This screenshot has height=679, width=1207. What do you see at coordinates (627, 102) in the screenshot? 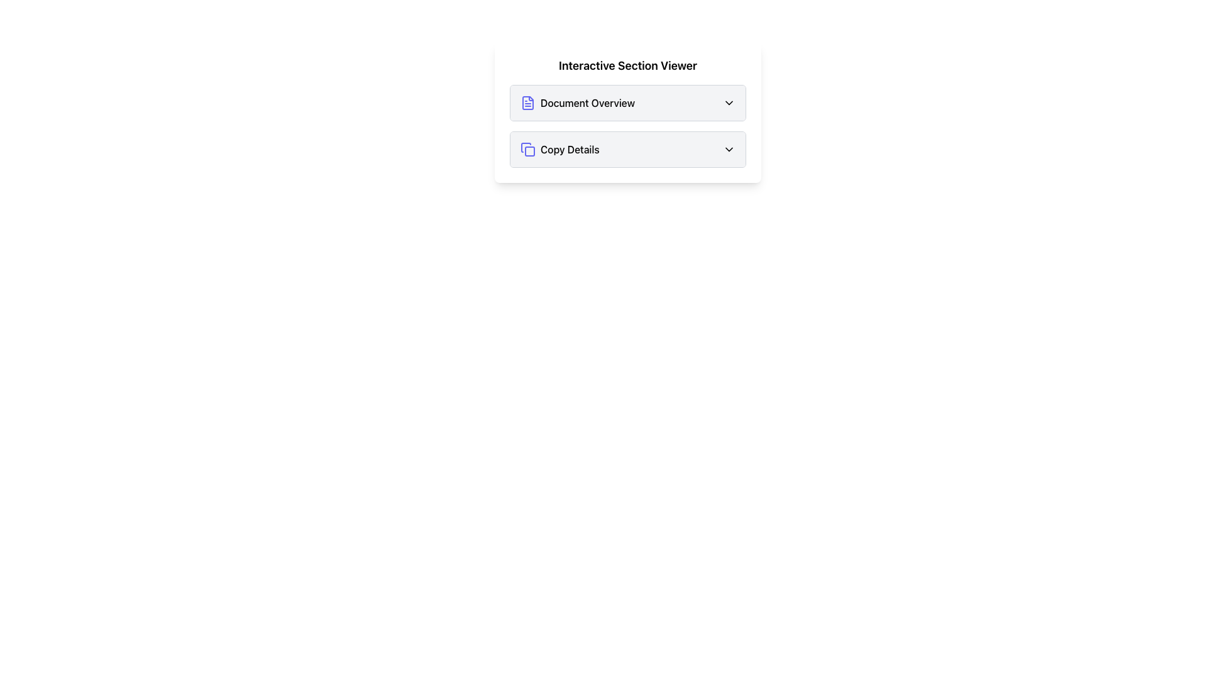
I see `the Collapsible Section Header` at bounding box center [627, 102].